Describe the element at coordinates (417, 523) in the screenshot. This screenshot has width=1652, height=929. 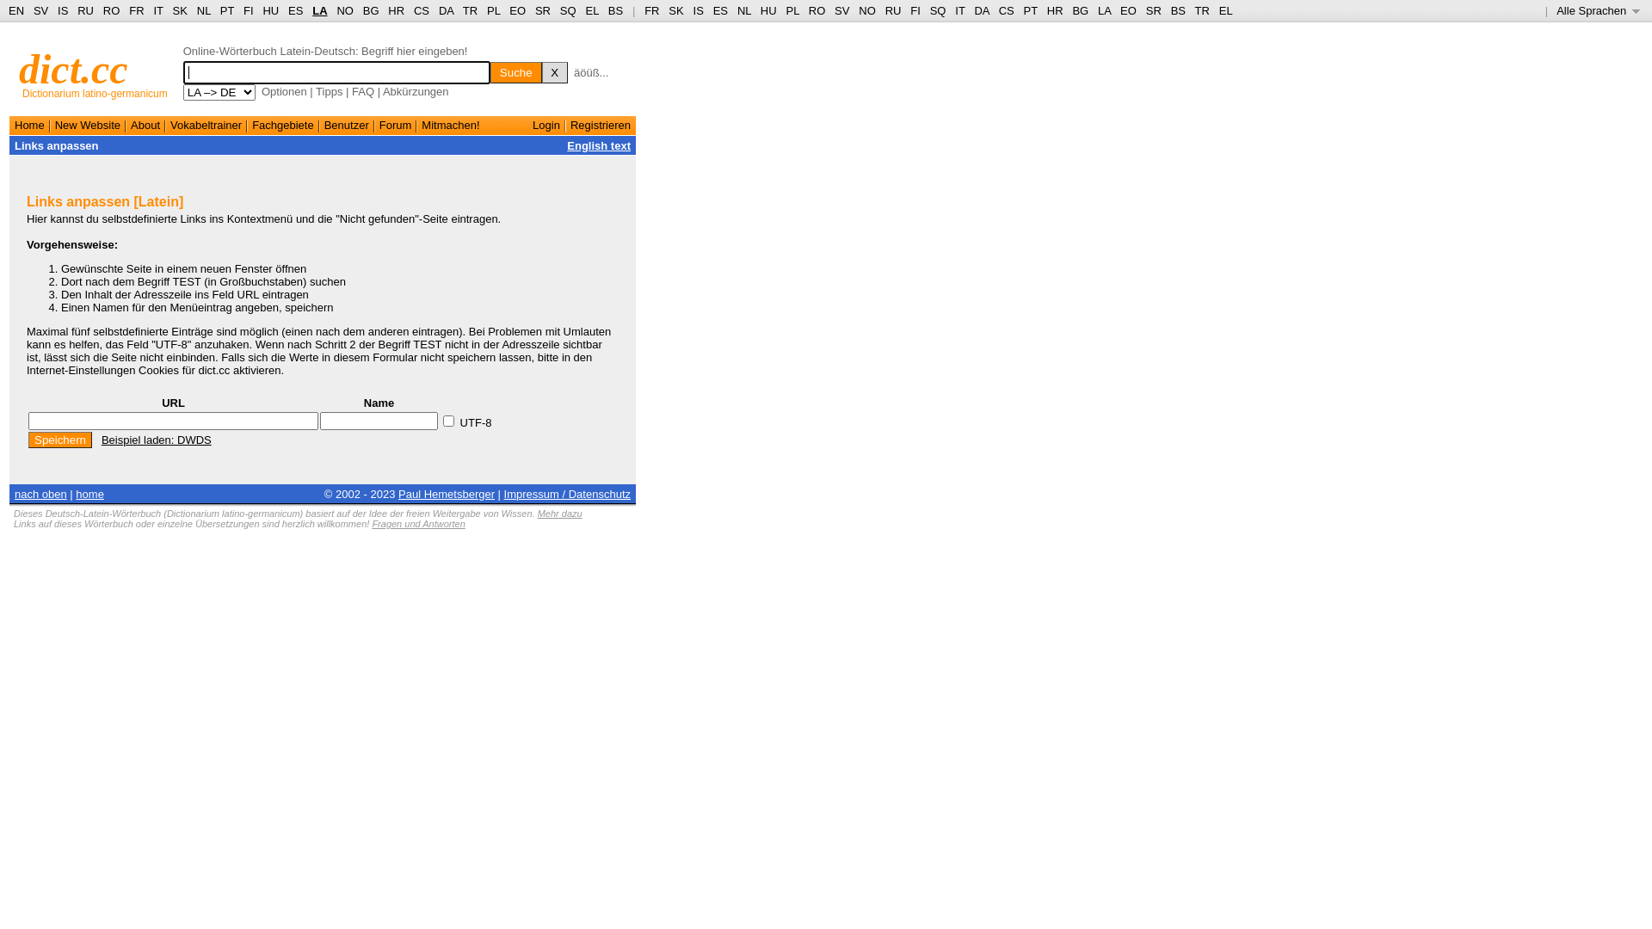
I see `'Fragen und Antworten'` at that location.